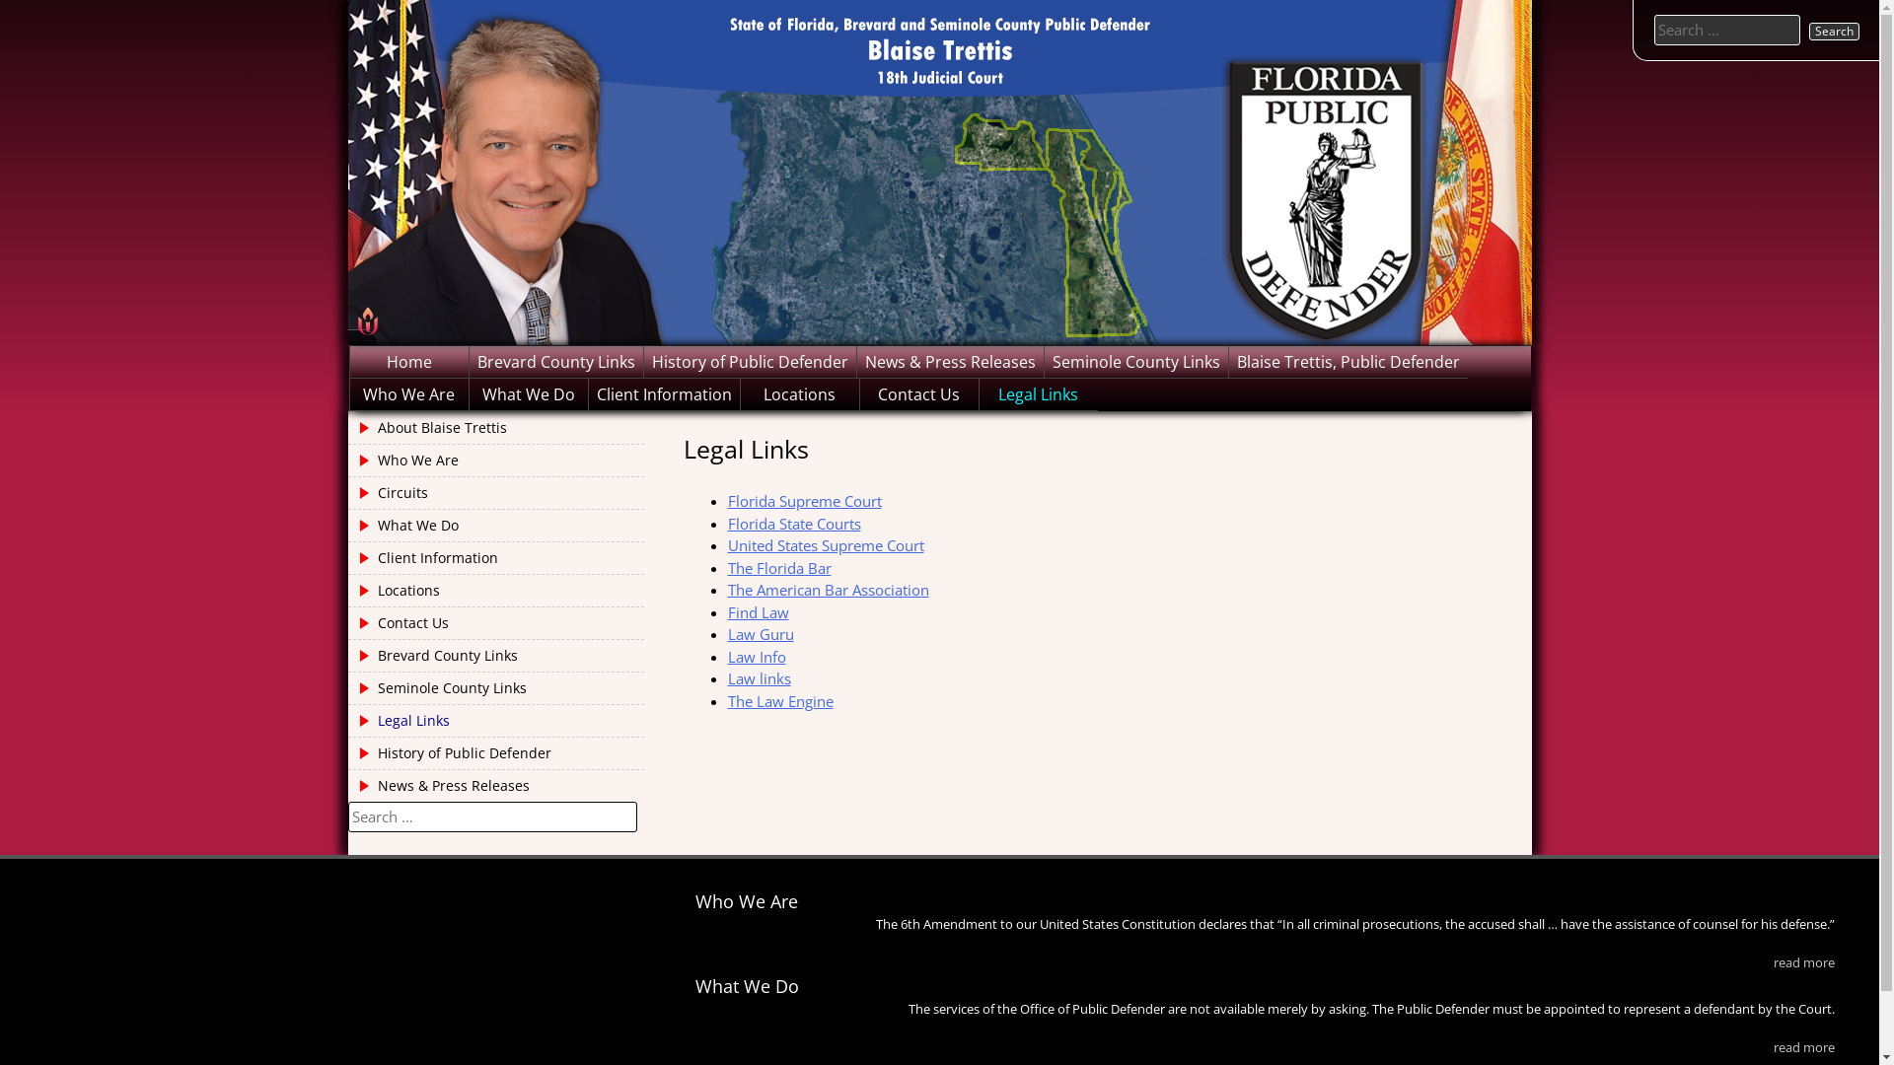  I want to click on 'Florida Supreme Court', so click(727, 500).